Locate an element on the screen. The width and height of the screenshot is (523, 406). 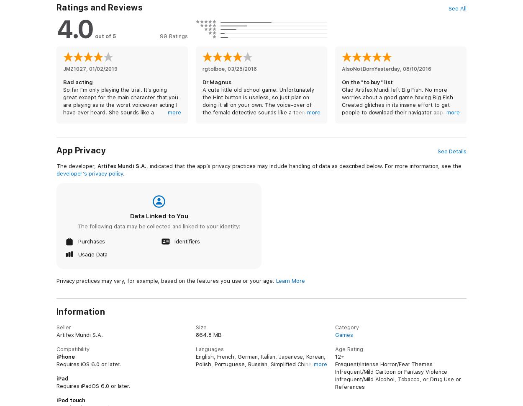
'Identifiers' is located at coordinates (187, 241).